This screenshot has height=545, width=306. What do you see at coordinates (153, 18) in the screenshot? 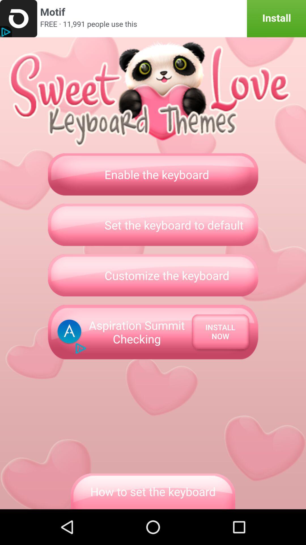
I see `click install` at bounding box center [153, 18].